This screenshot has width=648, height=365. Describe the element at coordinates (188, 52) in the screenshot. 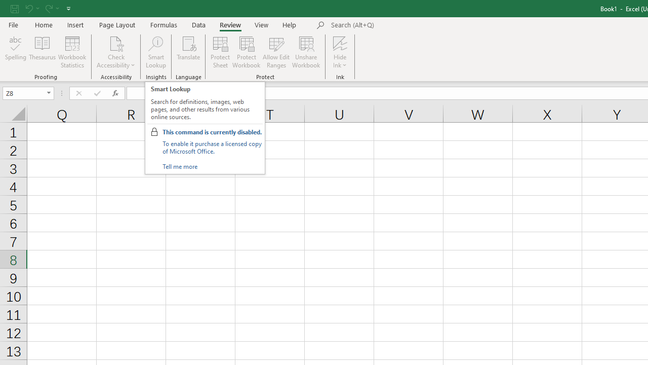

I see `'Translate'` at that location.